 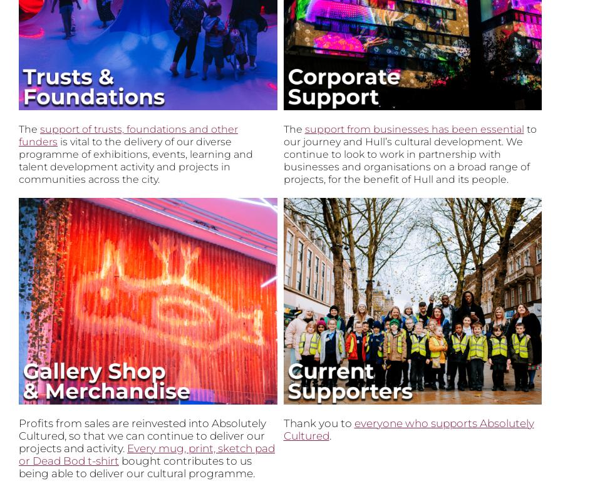 I want to click on 'Profits from sales are reinvested into Absolutely Cultured, so that we can continue to deliver our projects and activity.', so click(x=142, y=435).